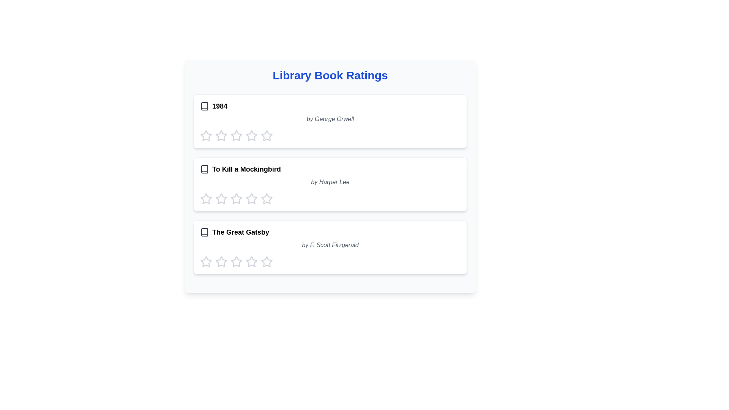 The height and width of the screenshot is (410, 729). What do you see at coordinates (330, 245) in the screenshot?
I see `the italic gray text label stating 'by F. Scott Fitzgerald' that is located below the title 'The Great Gatsby' in the book card` at bounding box center [330, 245].